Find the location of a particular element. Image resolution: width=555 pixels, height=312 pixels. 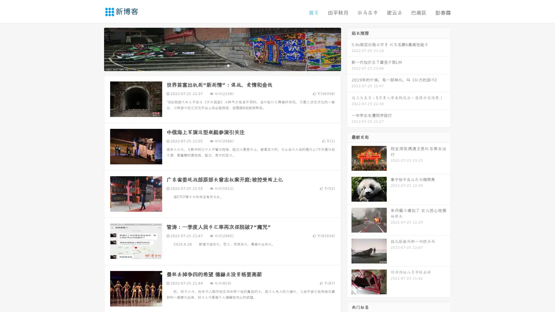

Go to slide 3 is located at coordinates (228, 65).